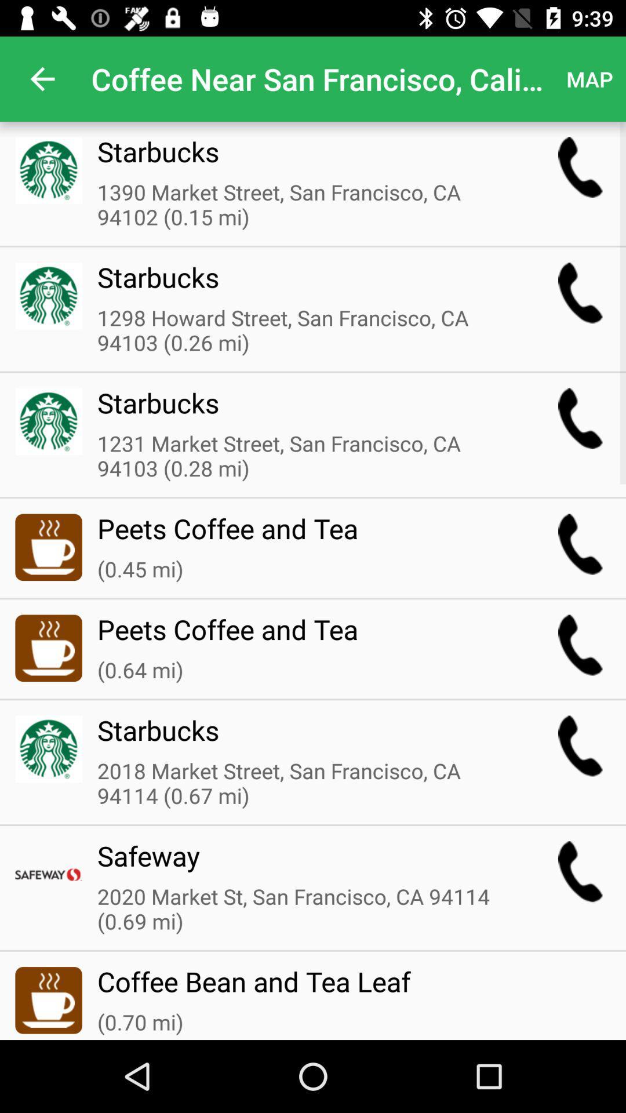 This screenshot has width=626, height=1113. What do you see at coordinates (304, 330) in the screenshot?
I see `the 1298 howard street icon` at bounding box center [304, 330].